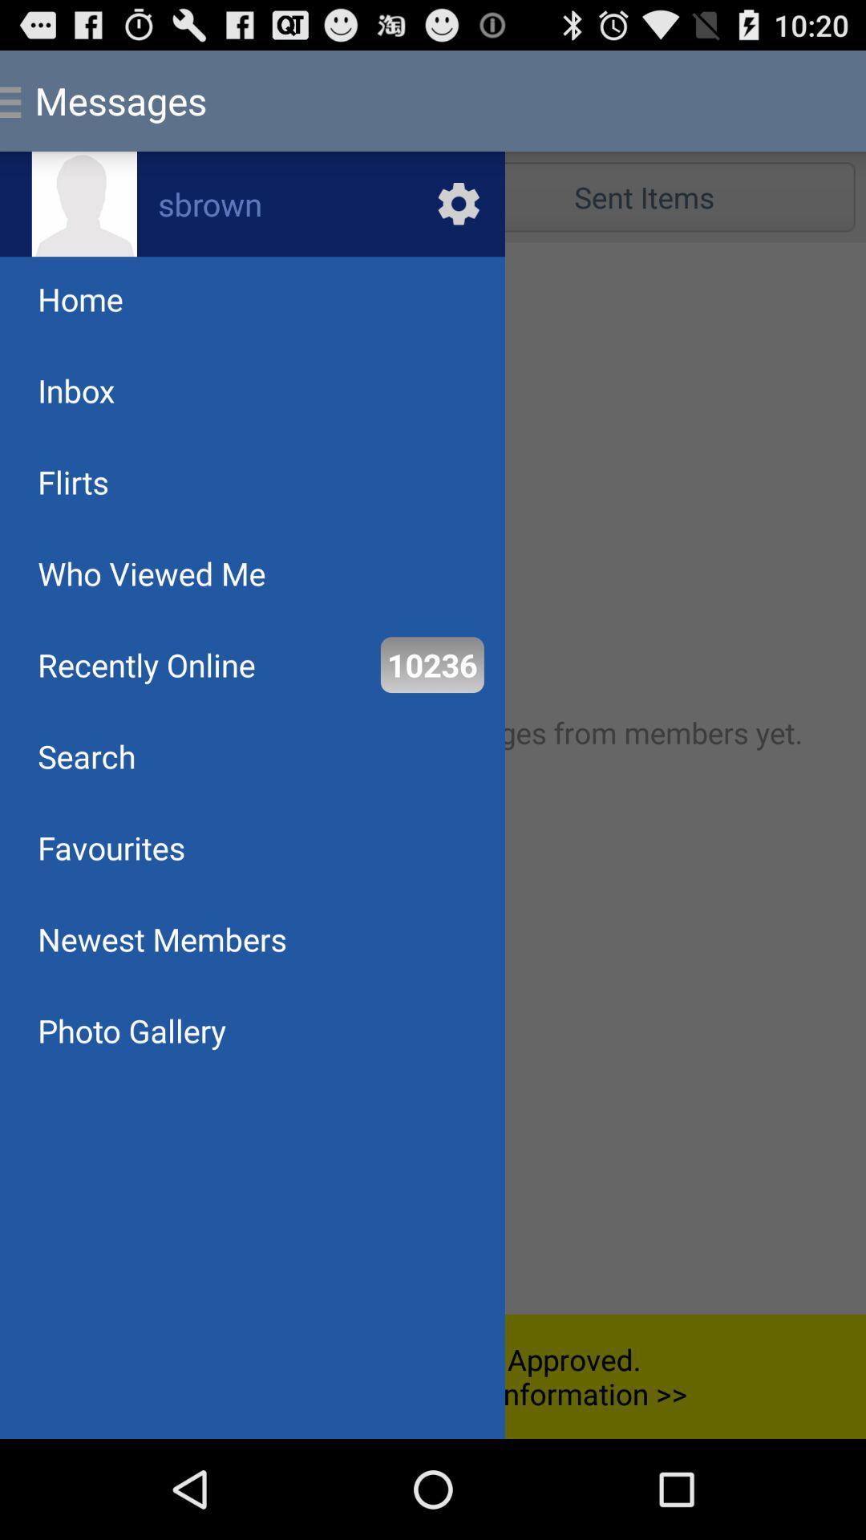  What do you see at coordinates (433, 778) in the screenshot?
I see `user control bar` at bounding box center [433, 778].